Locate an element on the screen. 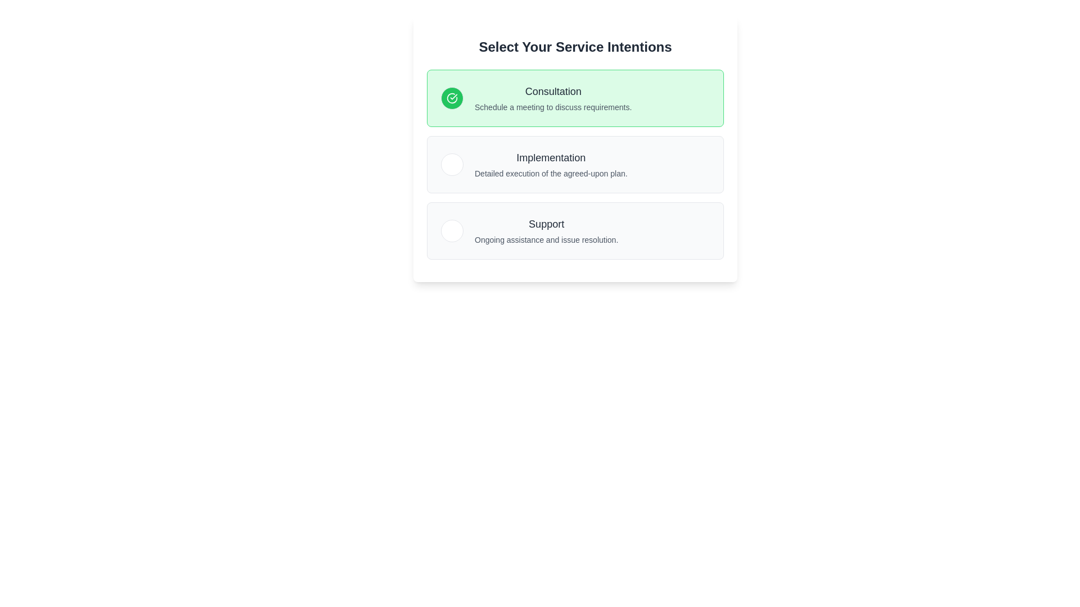 Image resolution: width=1080 pixels, height=607 pixels. the 'Consultation' selectable card component, which is the first in a vertical group of three similar components is located at coordinates (575, 97).